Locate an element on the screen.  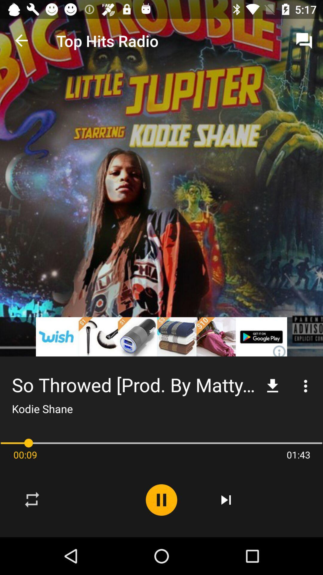
the more icon is located at coordinates (306, 386).